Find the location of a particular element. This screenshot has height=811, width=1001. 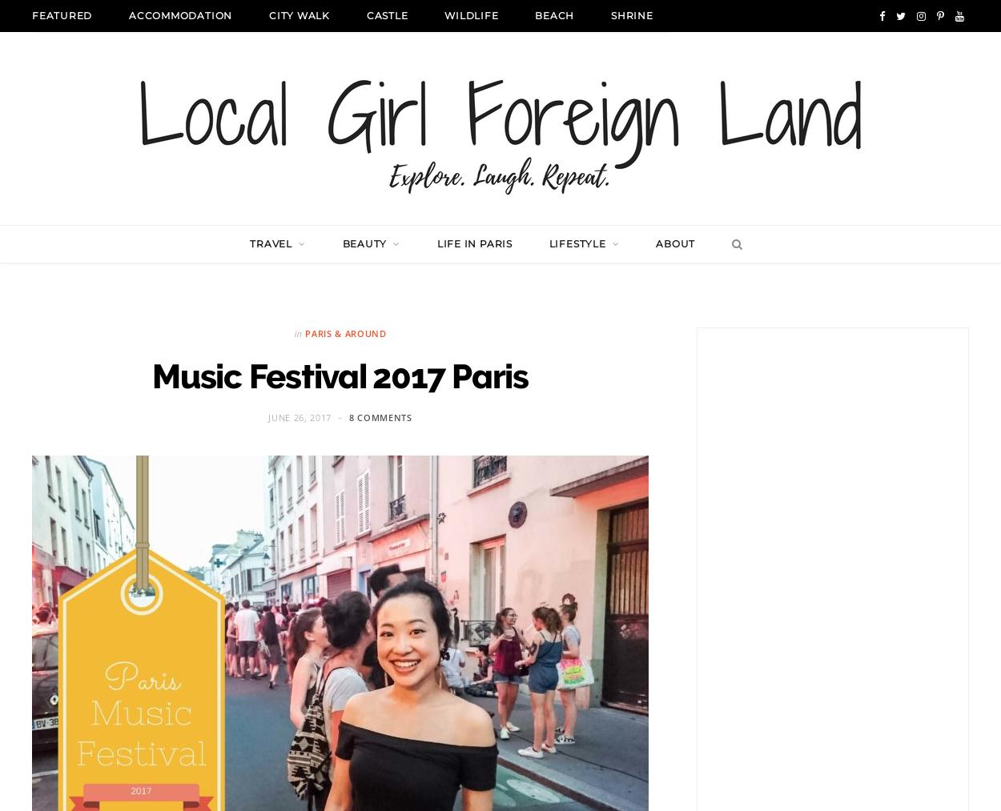

'Taiwan' is located at coordinates (481, 543).